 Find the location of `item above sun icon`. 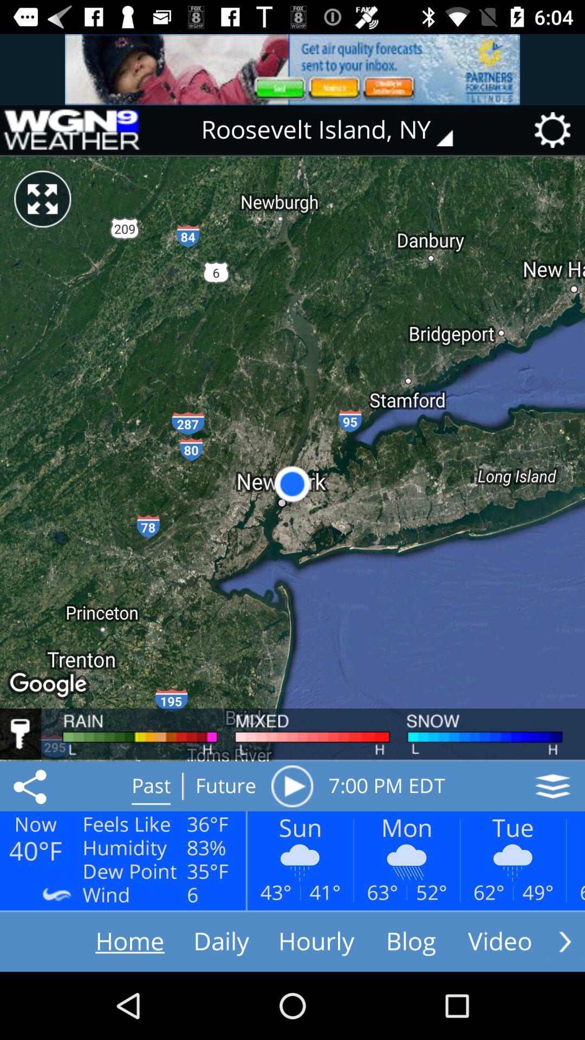

item above sun icon is located at coordinates (291, 786).